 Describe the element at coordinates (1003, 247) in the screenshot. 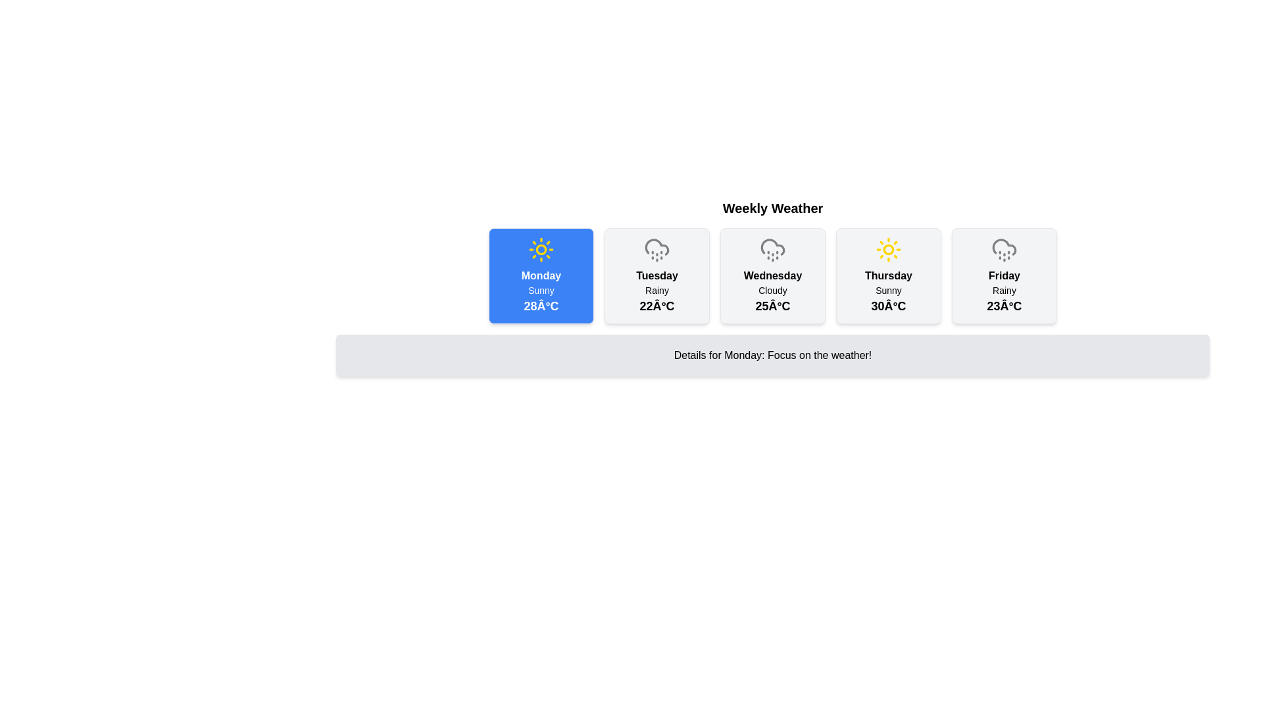

I see `the top part of the cloud icon with drizzle drops in the Friday weather card of the Weekly Weather section` at that location.